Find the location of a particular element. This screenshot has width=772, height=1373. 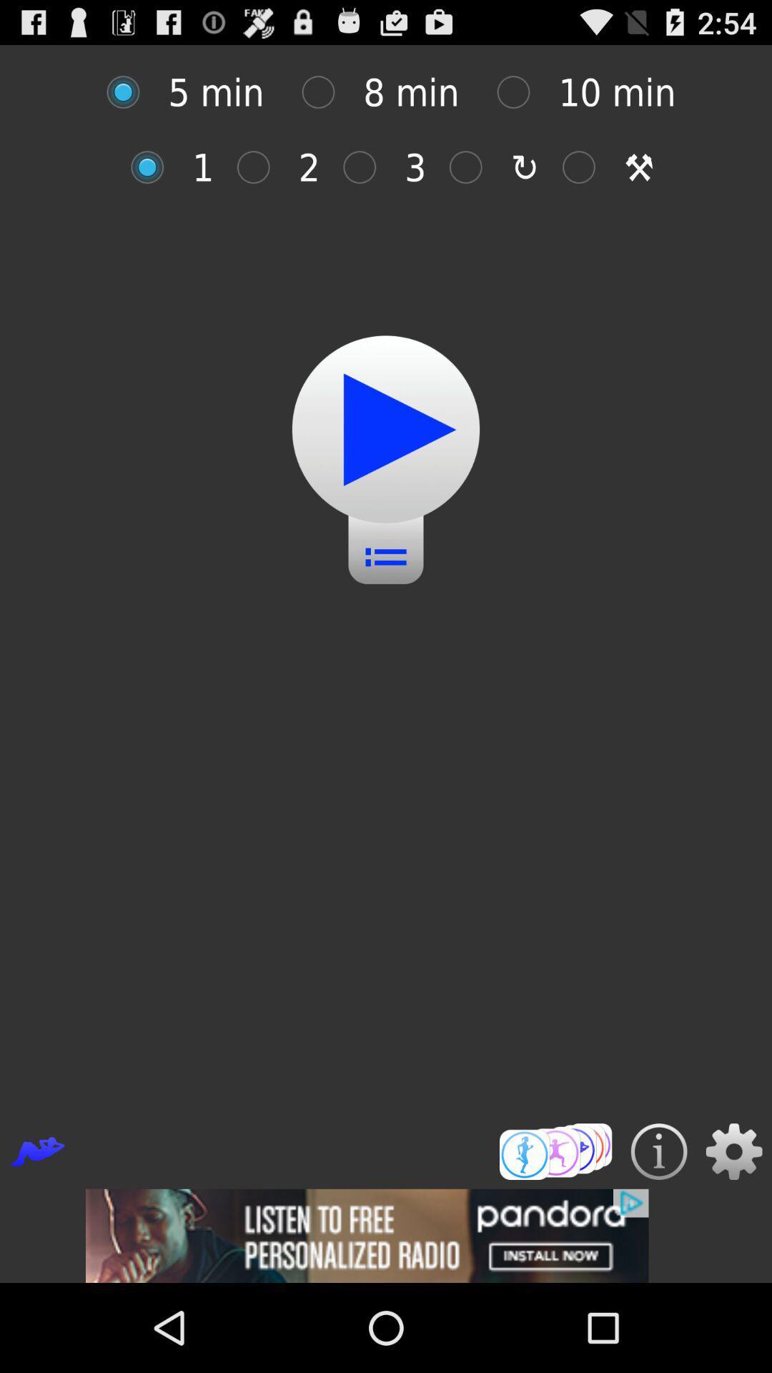

10 min option is located at coordinates (521, 92).